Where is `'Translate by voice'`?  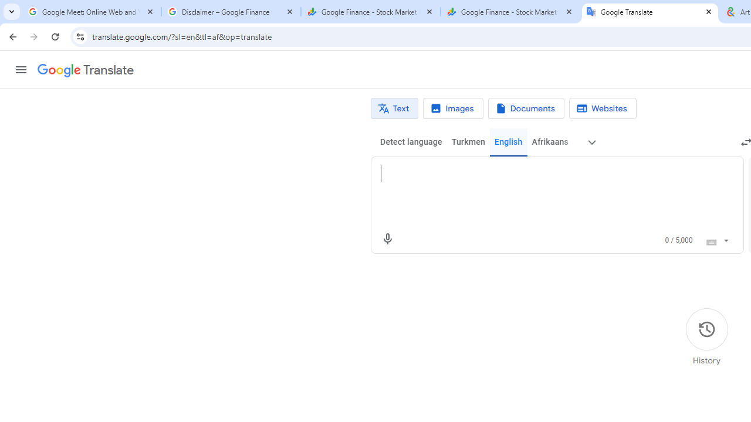 'Translate by voice' is located at coordinates (387, 238).